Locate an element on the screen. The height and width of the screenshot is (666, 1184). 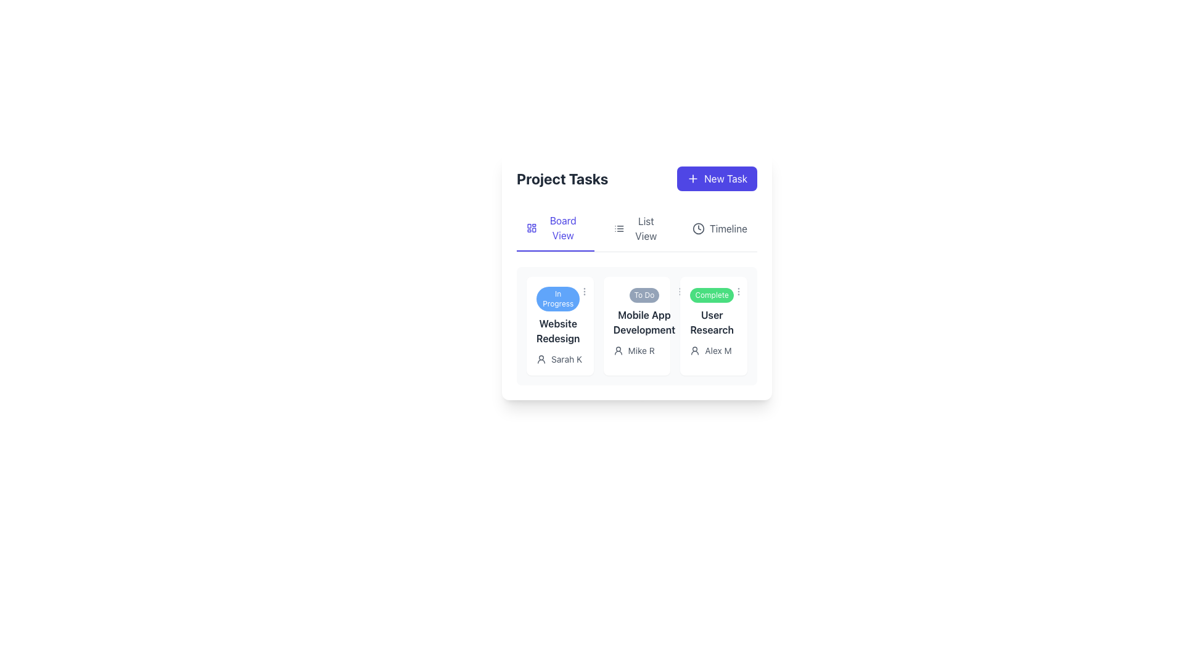
the user icon representing 'Alex M' on the 'User Research' card, located at the leftmost position within the group is located at coordinates (695, 351).